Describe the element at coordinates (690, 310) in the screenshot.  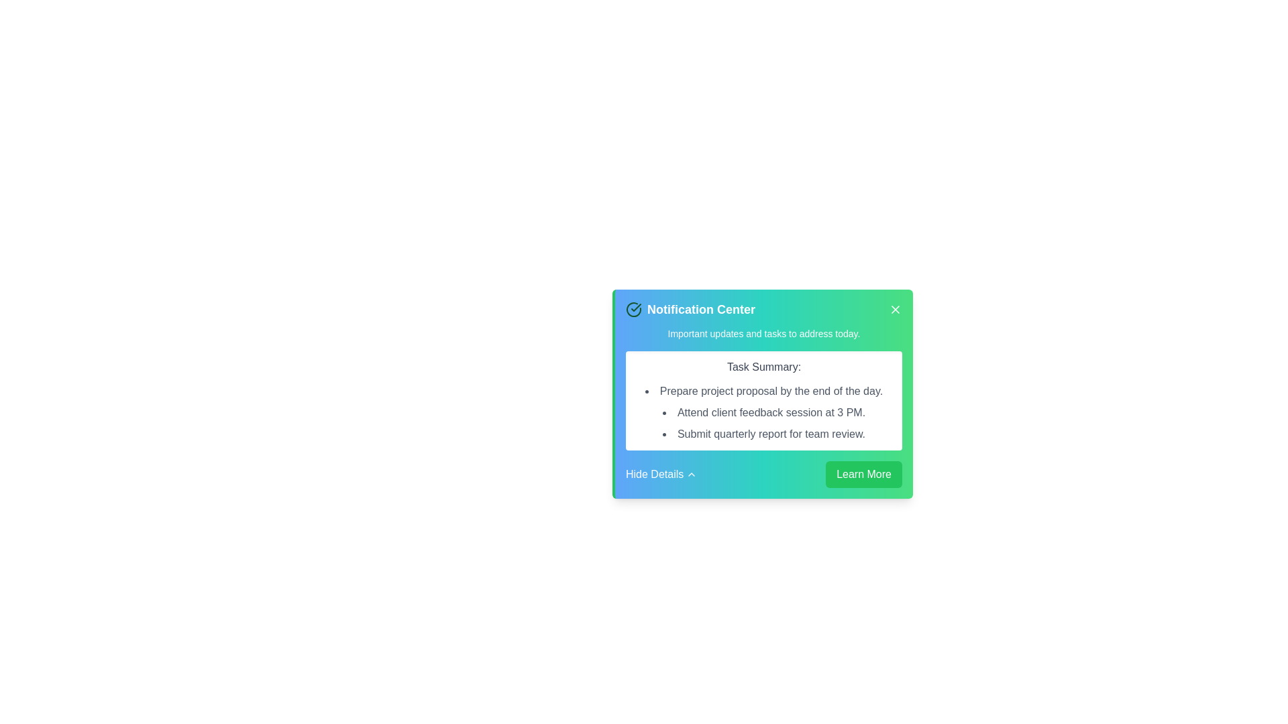
I see `the text label with an accompanying icon that serves as the title for the notification card, located in the top-left corner of the header section` at that location.